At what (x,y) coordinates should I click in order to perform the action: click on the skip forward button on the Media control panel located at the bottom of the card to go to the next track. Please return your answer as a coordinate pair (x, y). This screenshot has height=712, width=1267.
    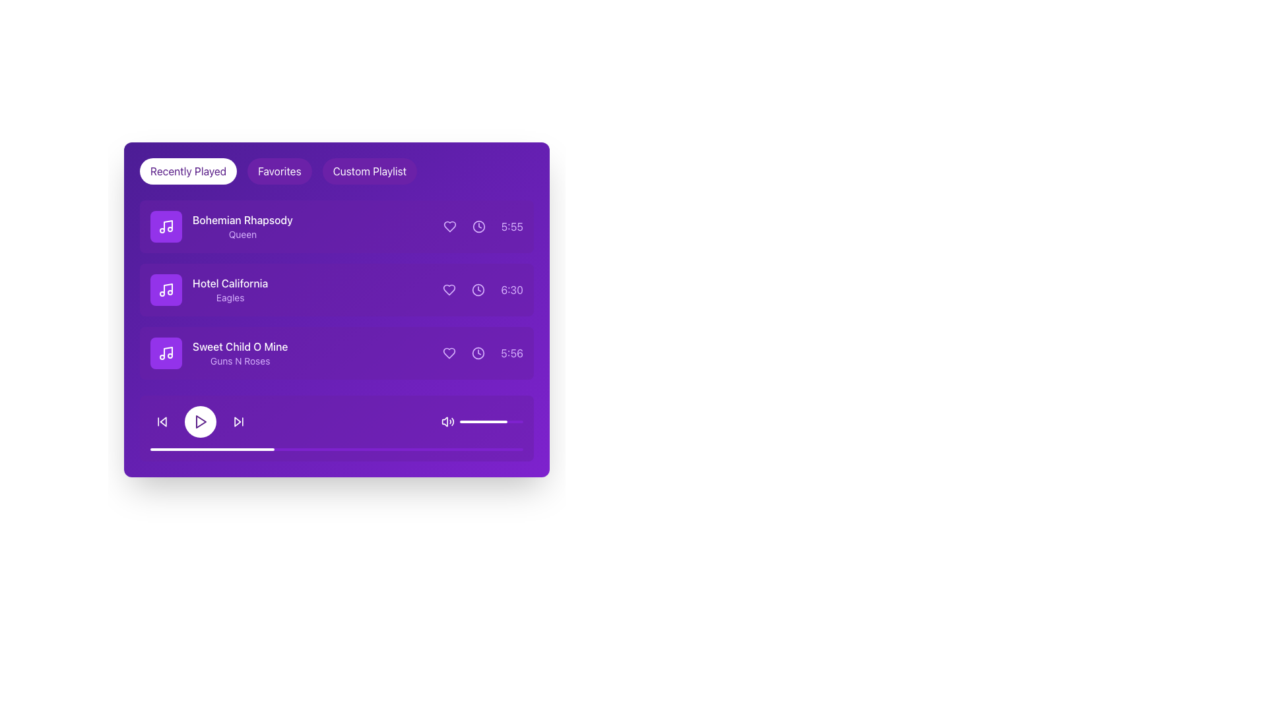
    Looking at the image, I should click on (337, 429).